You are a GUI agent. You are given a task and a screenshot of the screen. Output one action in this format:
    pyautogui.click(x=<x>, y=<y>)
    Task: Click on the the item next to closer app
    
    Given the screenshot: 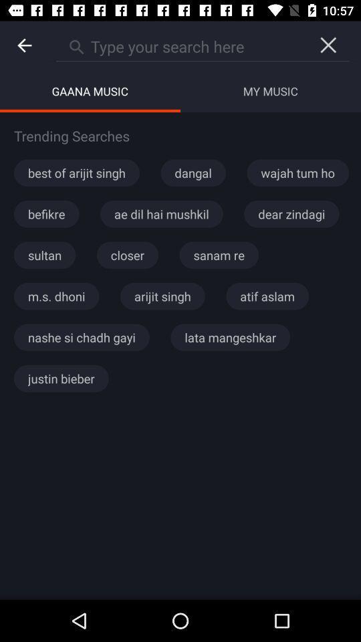 What is the action you would take?
    pyautogui.click(x=45, y=254)
    